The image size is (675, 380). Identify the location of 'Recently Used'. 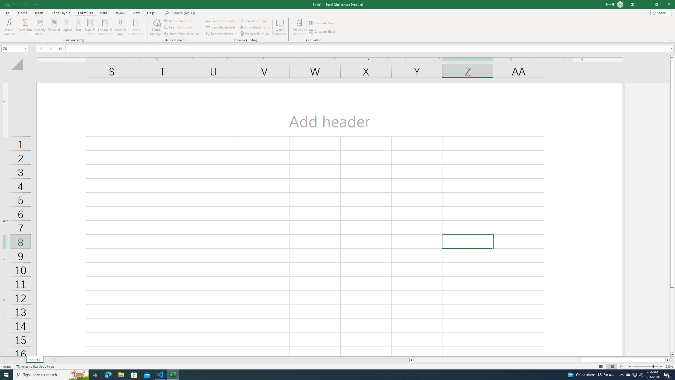
(40, 27).